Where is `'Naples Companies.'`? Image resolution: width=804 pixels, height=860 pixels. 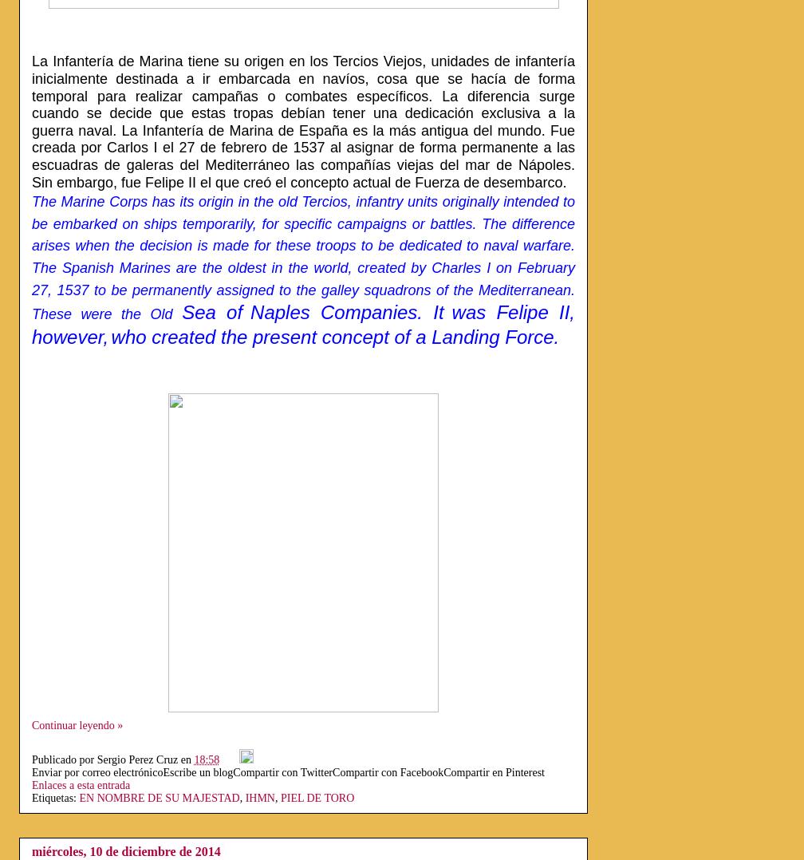 'Naples Companies.' is located at coordinates (341, 311).